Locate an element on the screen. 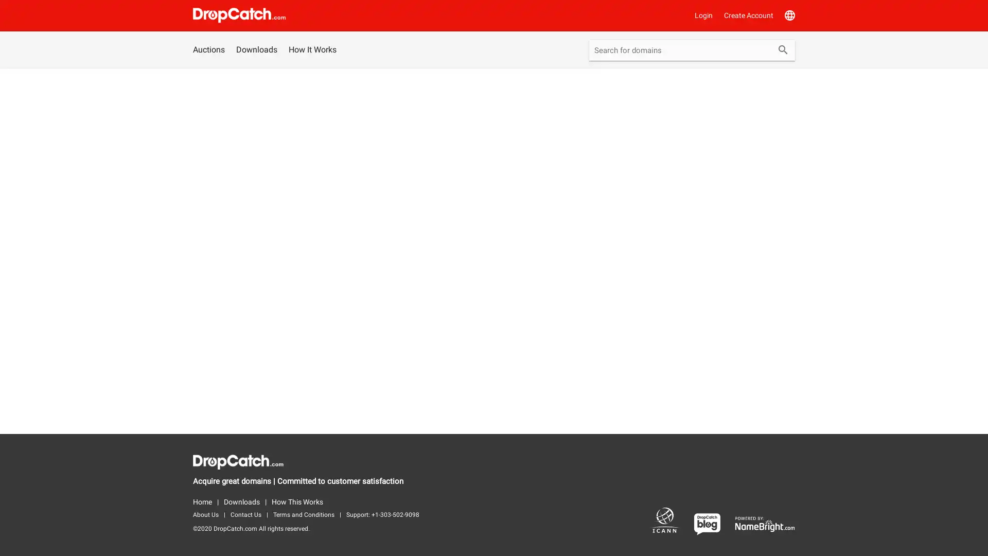 Image resolution: width=988 pixels, height=556 pixels. Submit is located at coordinates (782, 51).